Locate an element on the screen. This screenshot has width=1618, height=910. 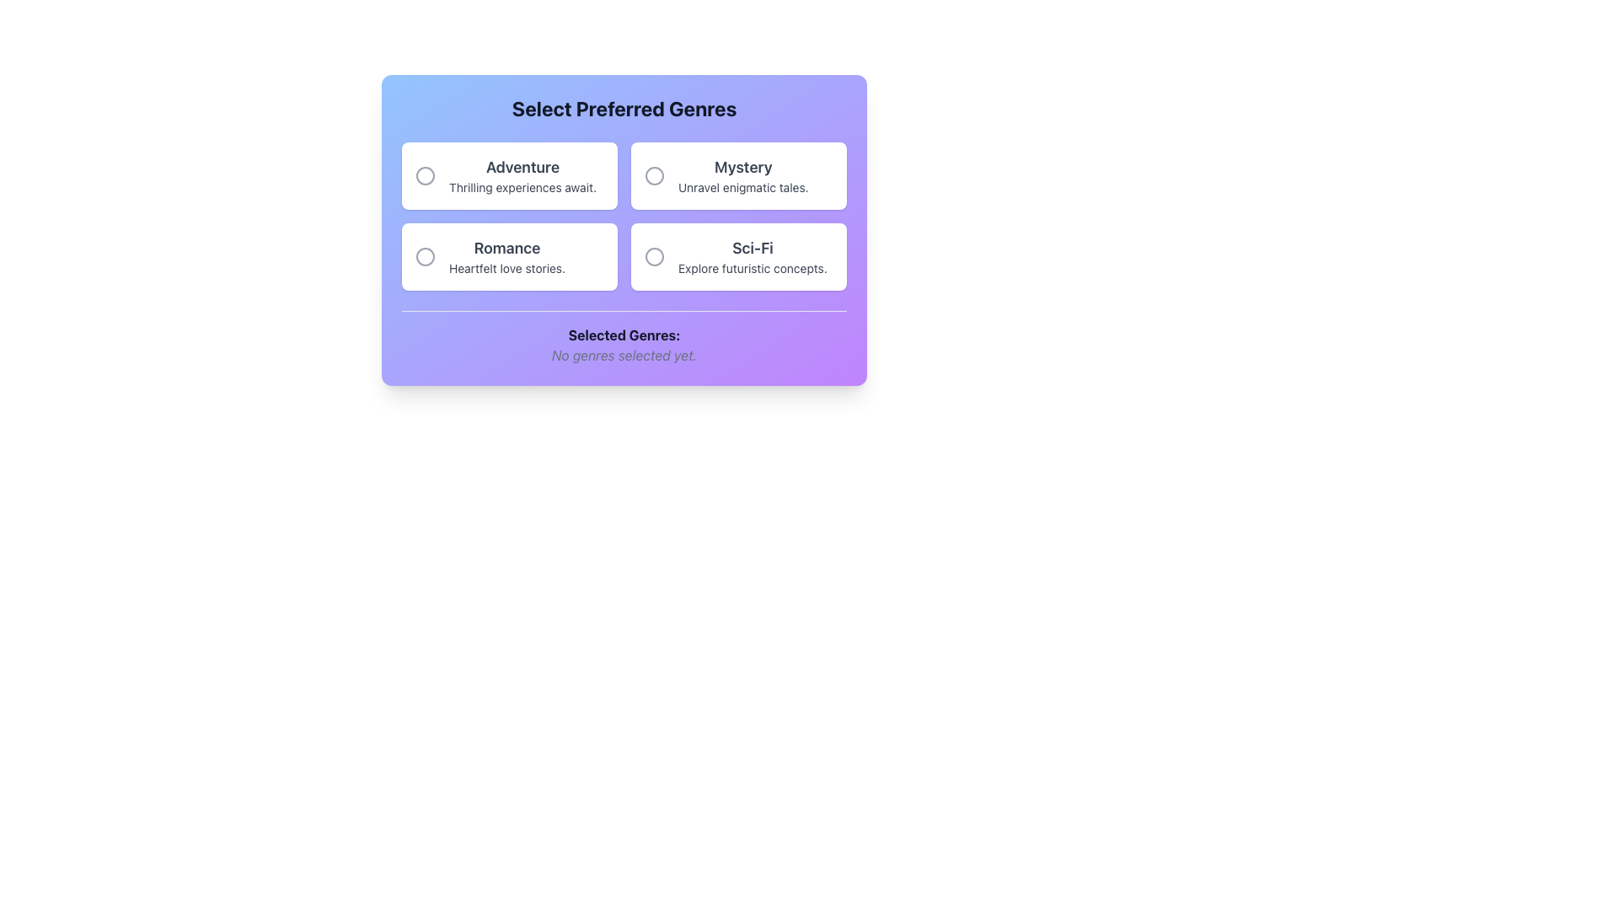
the text display element that shows 'Selected Genres:' in bold and 'No genres selected yet.' in italicized gray, located below the genre options grid is located at coordinates (623, 338).